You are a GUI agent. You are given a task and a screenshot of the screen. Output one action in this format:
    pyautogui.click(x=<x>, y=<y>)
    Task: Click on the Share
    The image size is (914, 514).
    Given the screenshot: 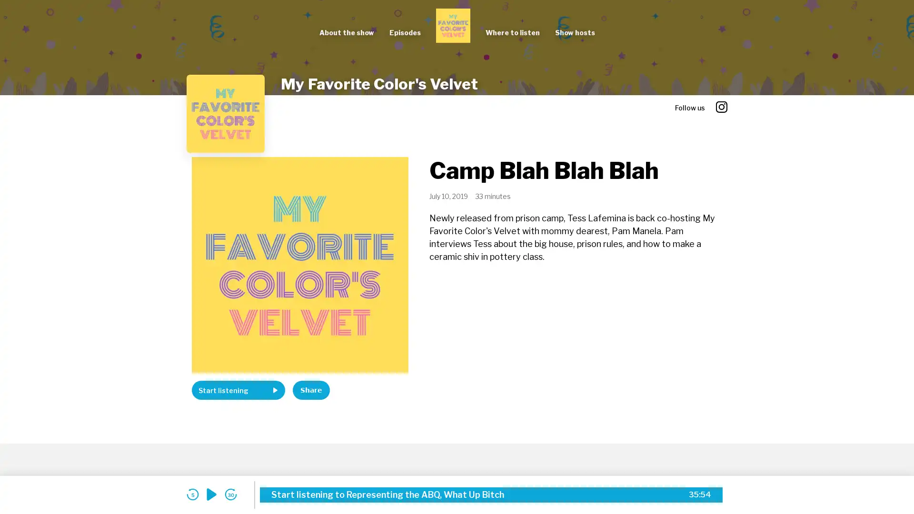 What is the action you would take?
    pyautogui.click(x=311, y=390)
    